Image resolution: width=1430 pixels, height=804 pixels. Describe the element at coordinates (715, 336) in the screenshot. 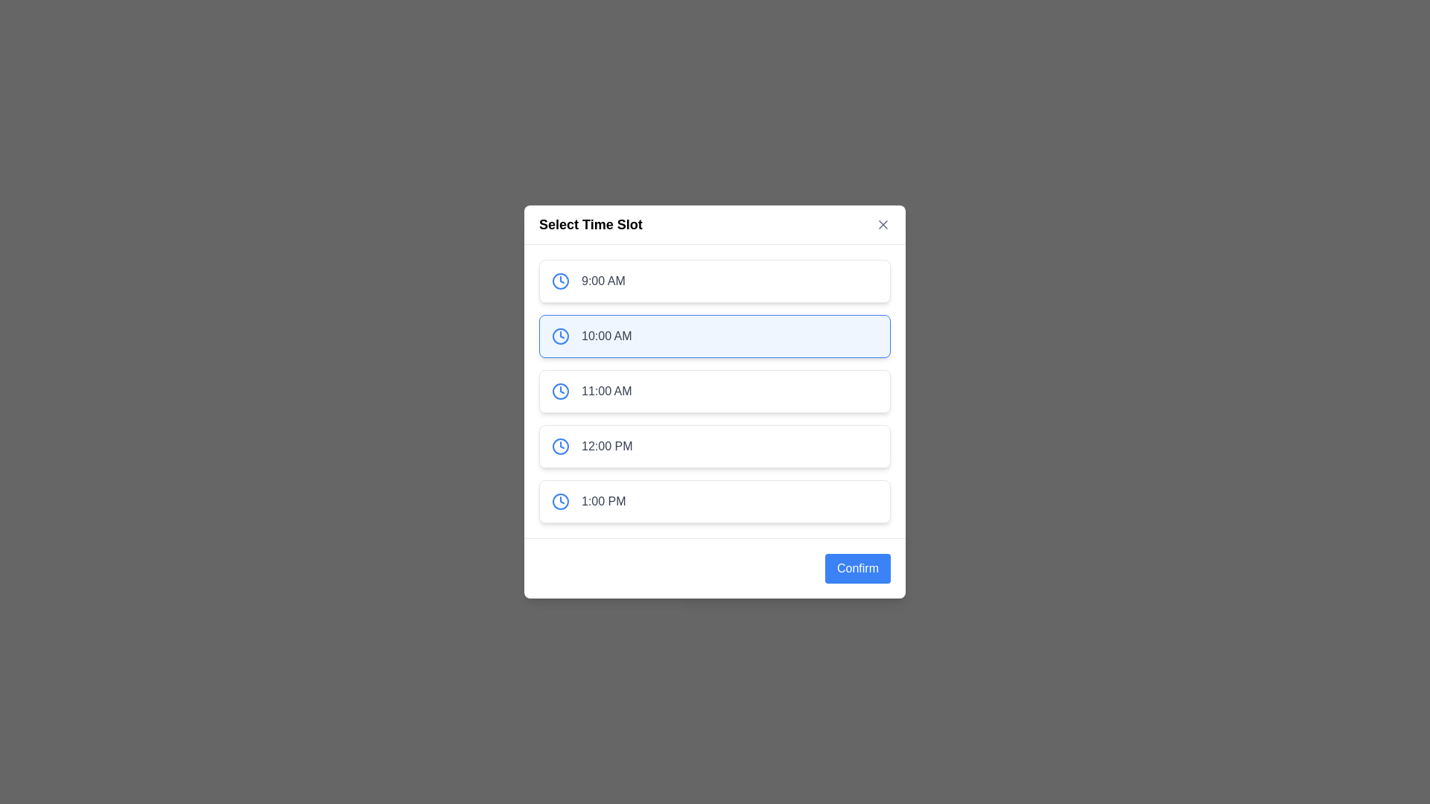

I see `the time slot labeled 10:00 AM to select it` at that location.